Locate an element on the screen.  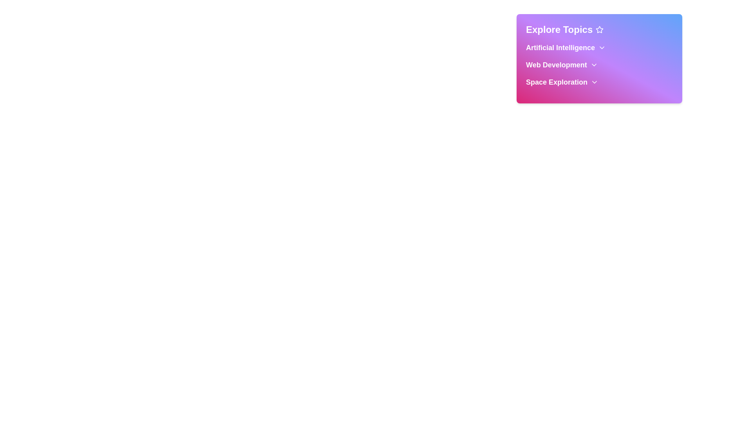
the text label that reads 'Web Development', which is styled with a bold font and positioned on a vibrant gradient background, located in a dropdown menu under 'Explore Topics' is located at coordinates (556, 64).